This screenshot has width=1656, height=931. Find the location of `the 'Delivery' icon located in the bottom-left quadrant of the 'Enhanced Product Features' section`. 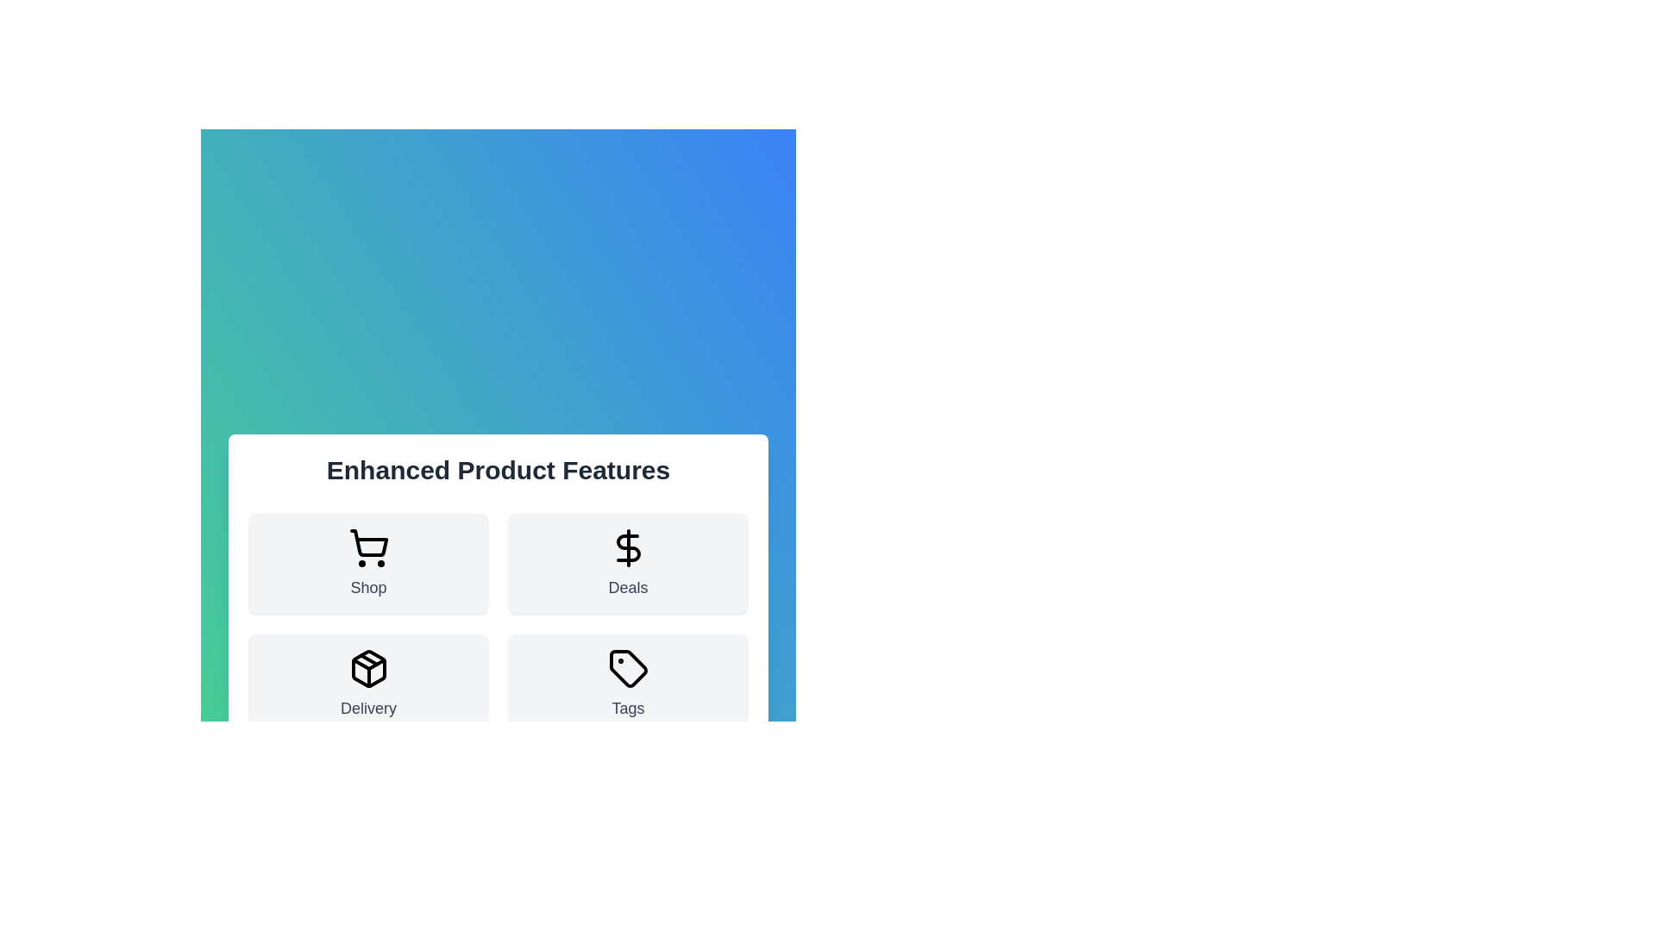

the 'Delivery' icon located in the bottom-left quadrant of the 'Enhanced Product Features' section is located at coordinates (367, 667).